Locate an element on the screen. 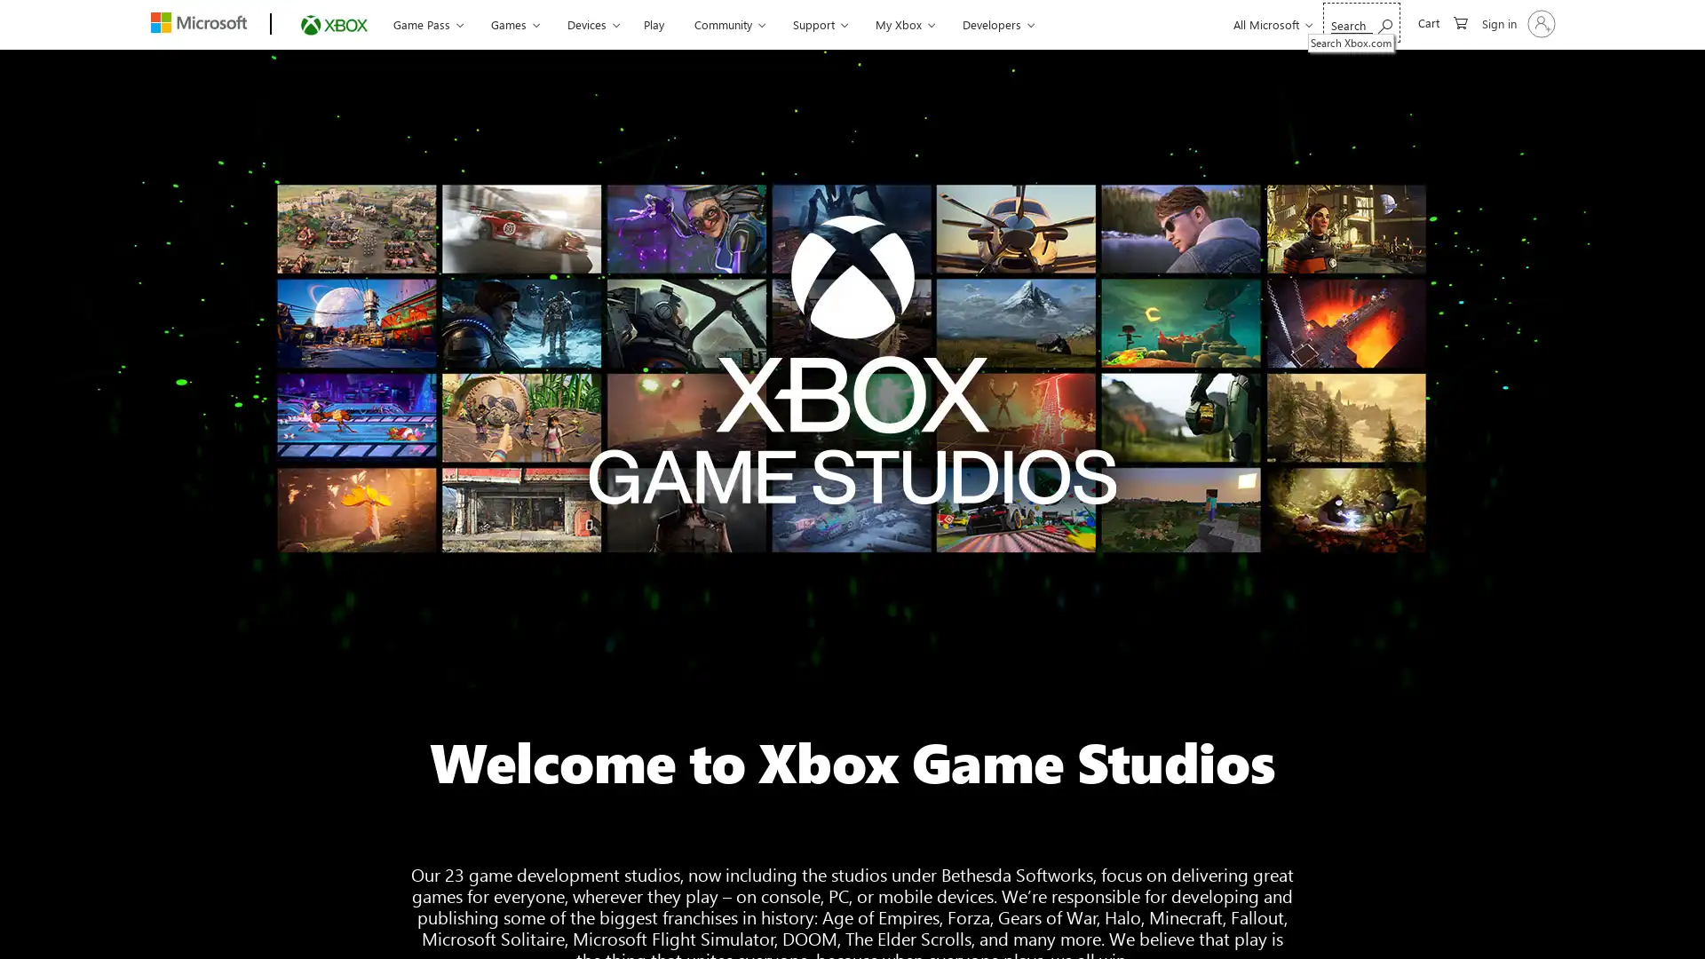  Developers is located at coordinates (971, 24).